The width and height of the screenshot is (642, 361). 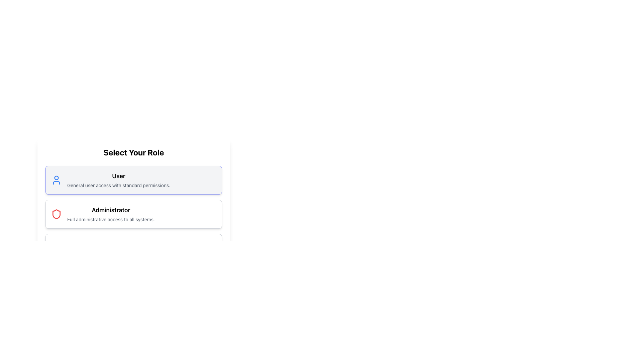 I want to click on the first List item that details the 'User' role, so click(x=119, y=180).